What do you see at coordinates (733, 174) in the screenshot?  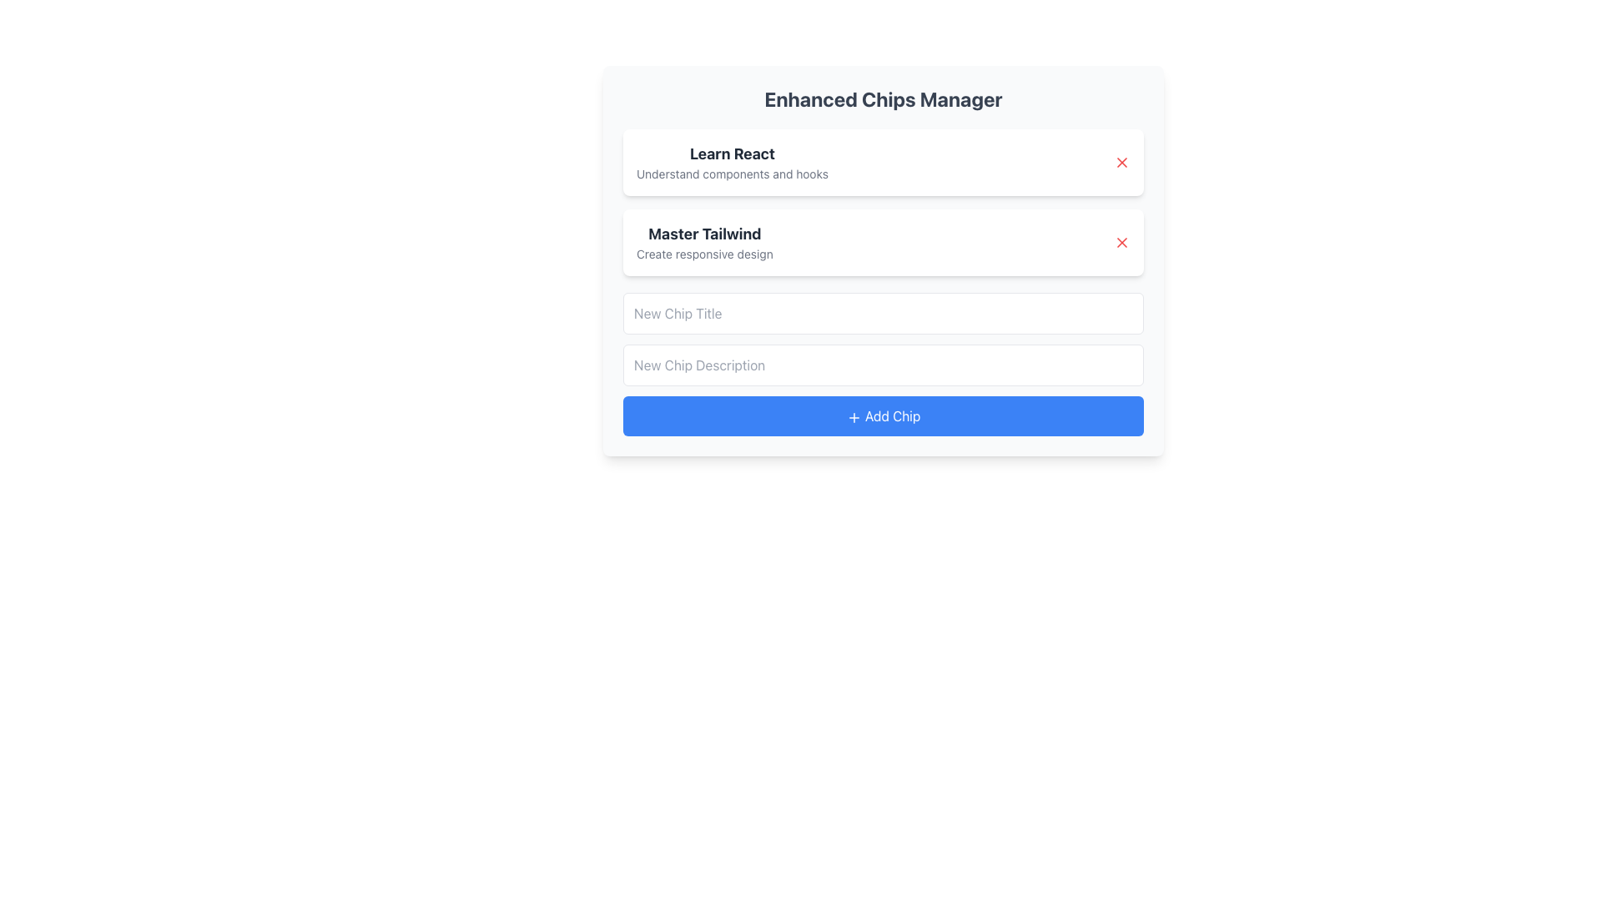 I see `the descriptive text element located beneath the title 'Learn React' in the first card of the application interface` at bounding box center [733, 174].